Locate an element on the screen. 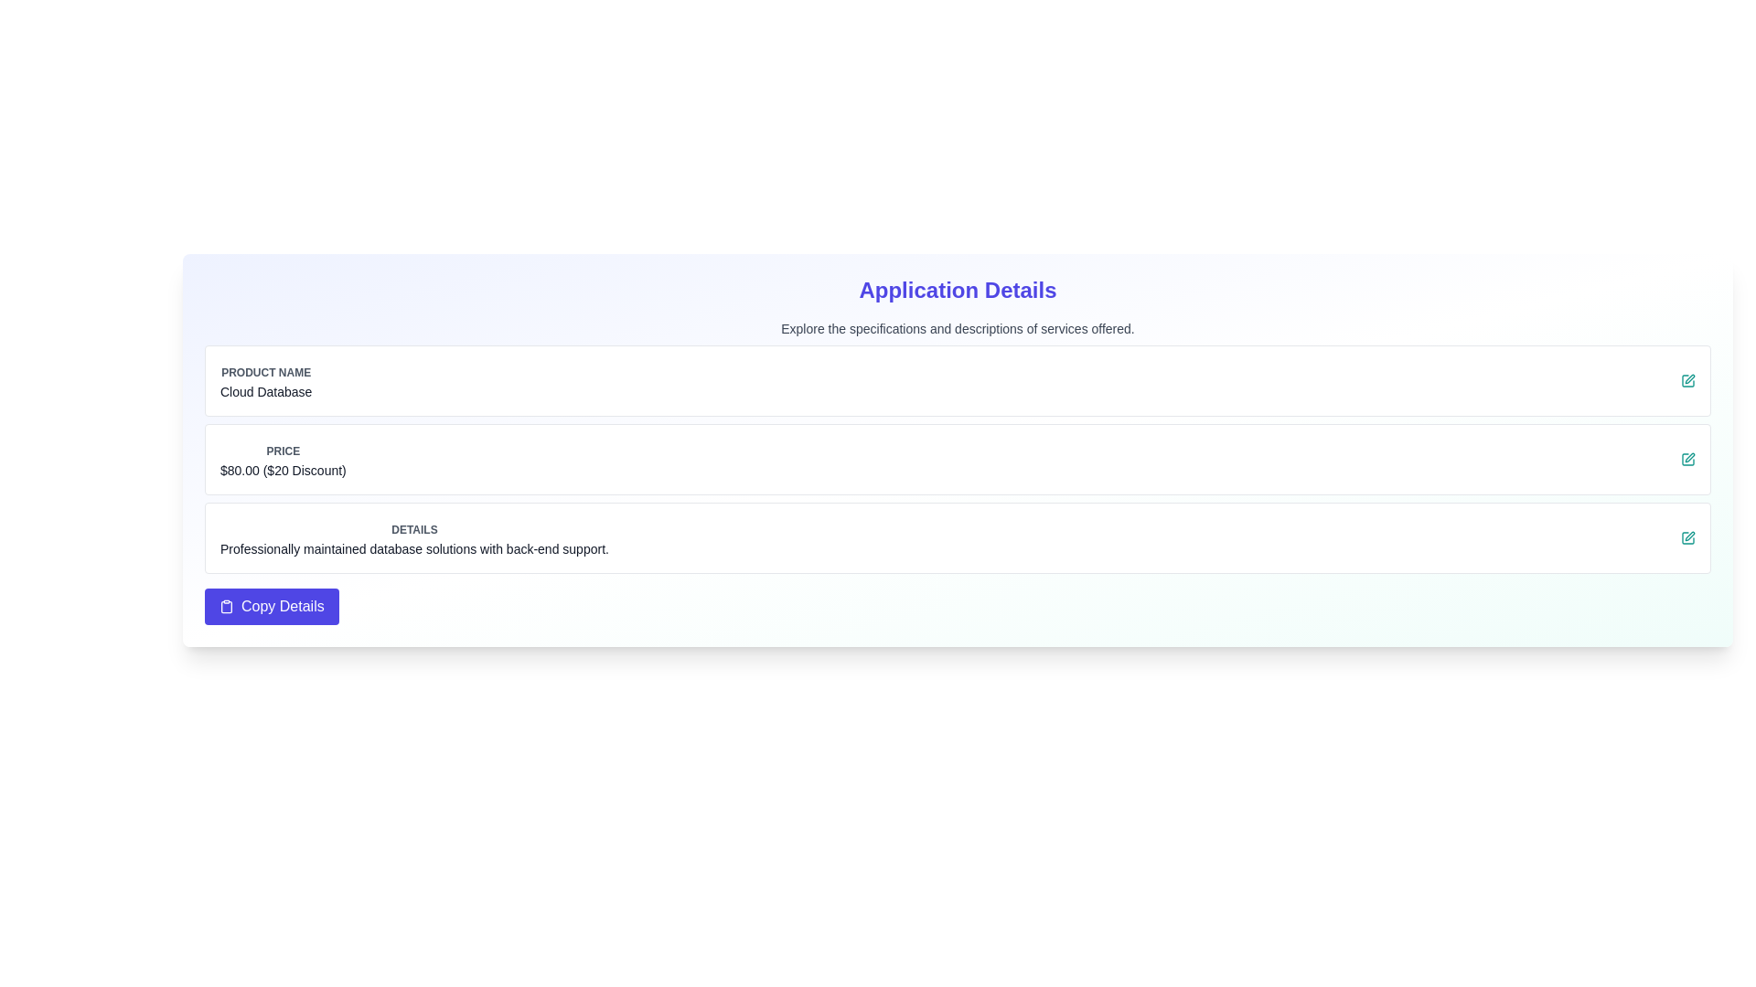 The image size is (1756, 987). the text block that provides an overview of the professional database services, located below the 'Price' section and above the 'Copy Details' button is located at coordinates (413, 537).